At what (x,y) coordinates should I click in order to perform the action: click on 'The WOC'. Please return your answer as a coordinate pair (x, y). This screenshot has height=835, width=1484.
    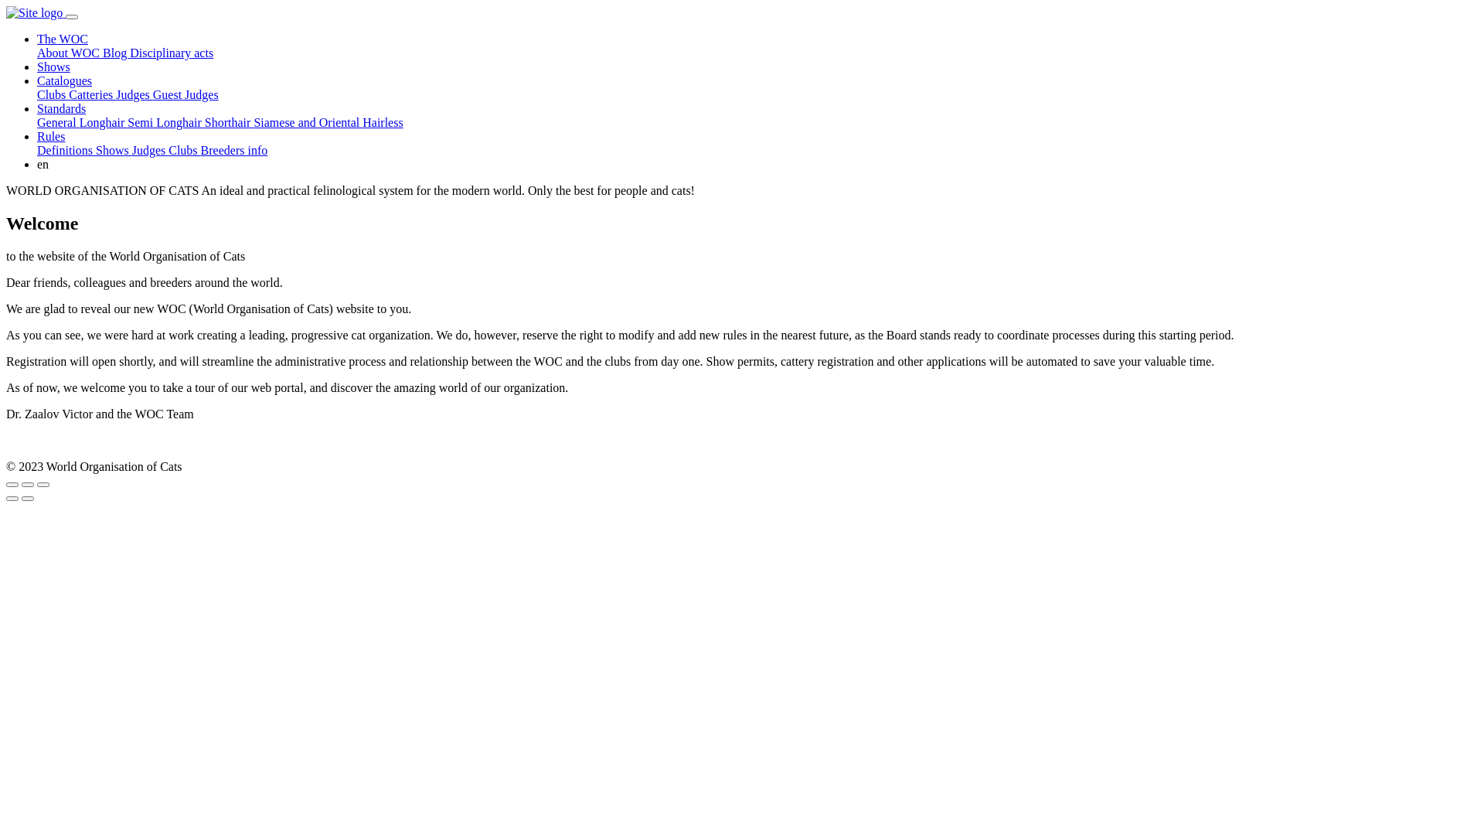
    Looking at the image, I should click on (62, 38).